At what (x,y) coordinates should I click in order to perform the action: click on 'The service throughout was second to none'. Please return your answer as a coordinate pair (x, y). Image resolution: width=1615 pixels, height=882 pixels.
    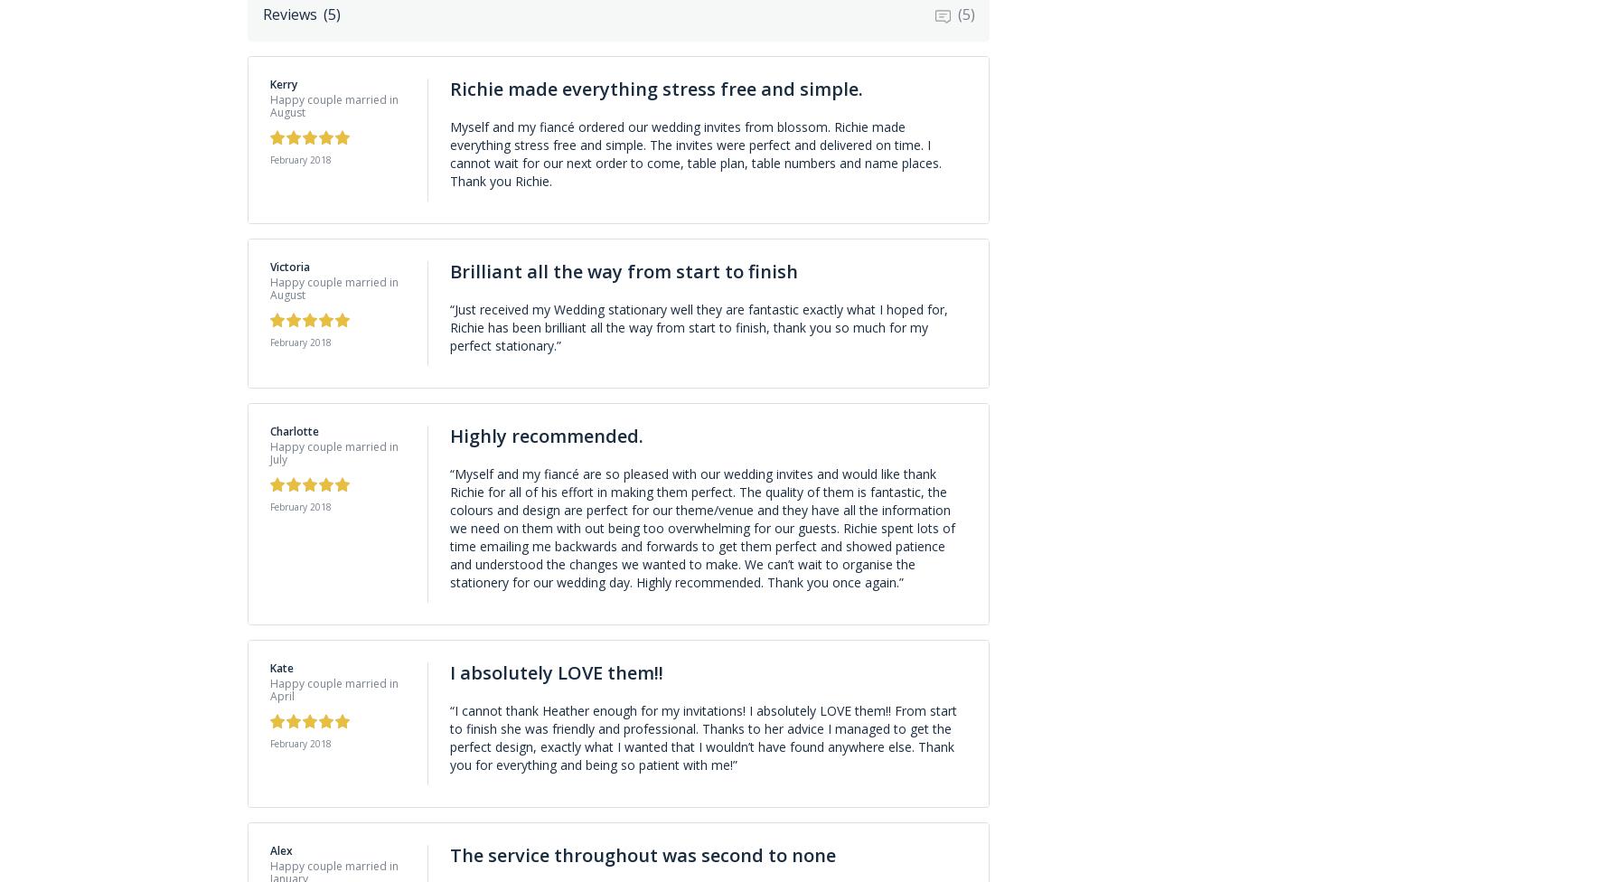
    Looking at the image, I should click on (641, 853).